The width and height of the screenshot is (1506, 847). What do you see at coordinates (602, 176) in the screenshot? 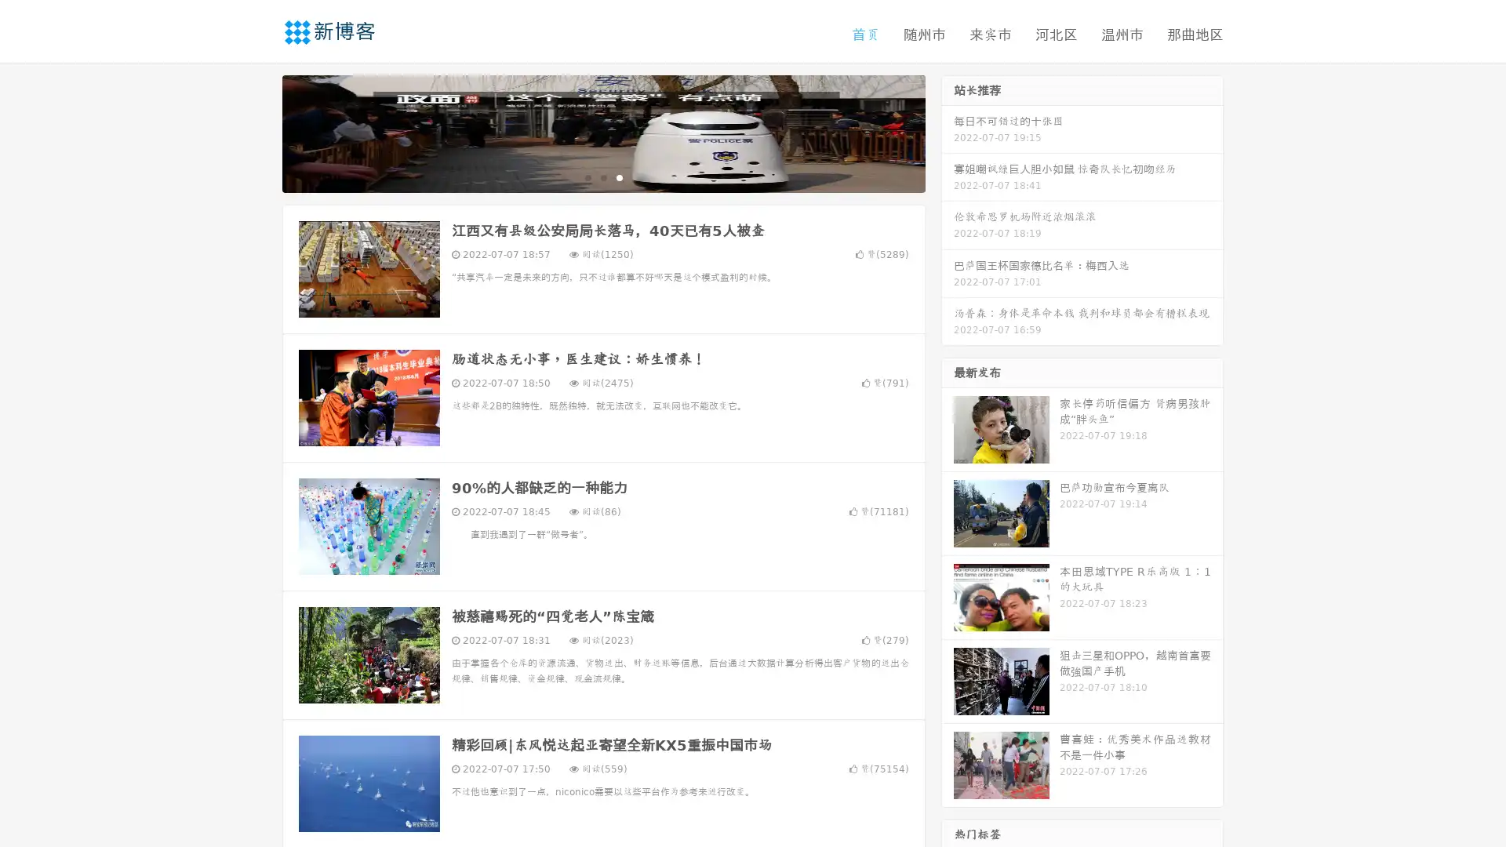
I see `Go to slide 2` at bounding box center [602, 176].